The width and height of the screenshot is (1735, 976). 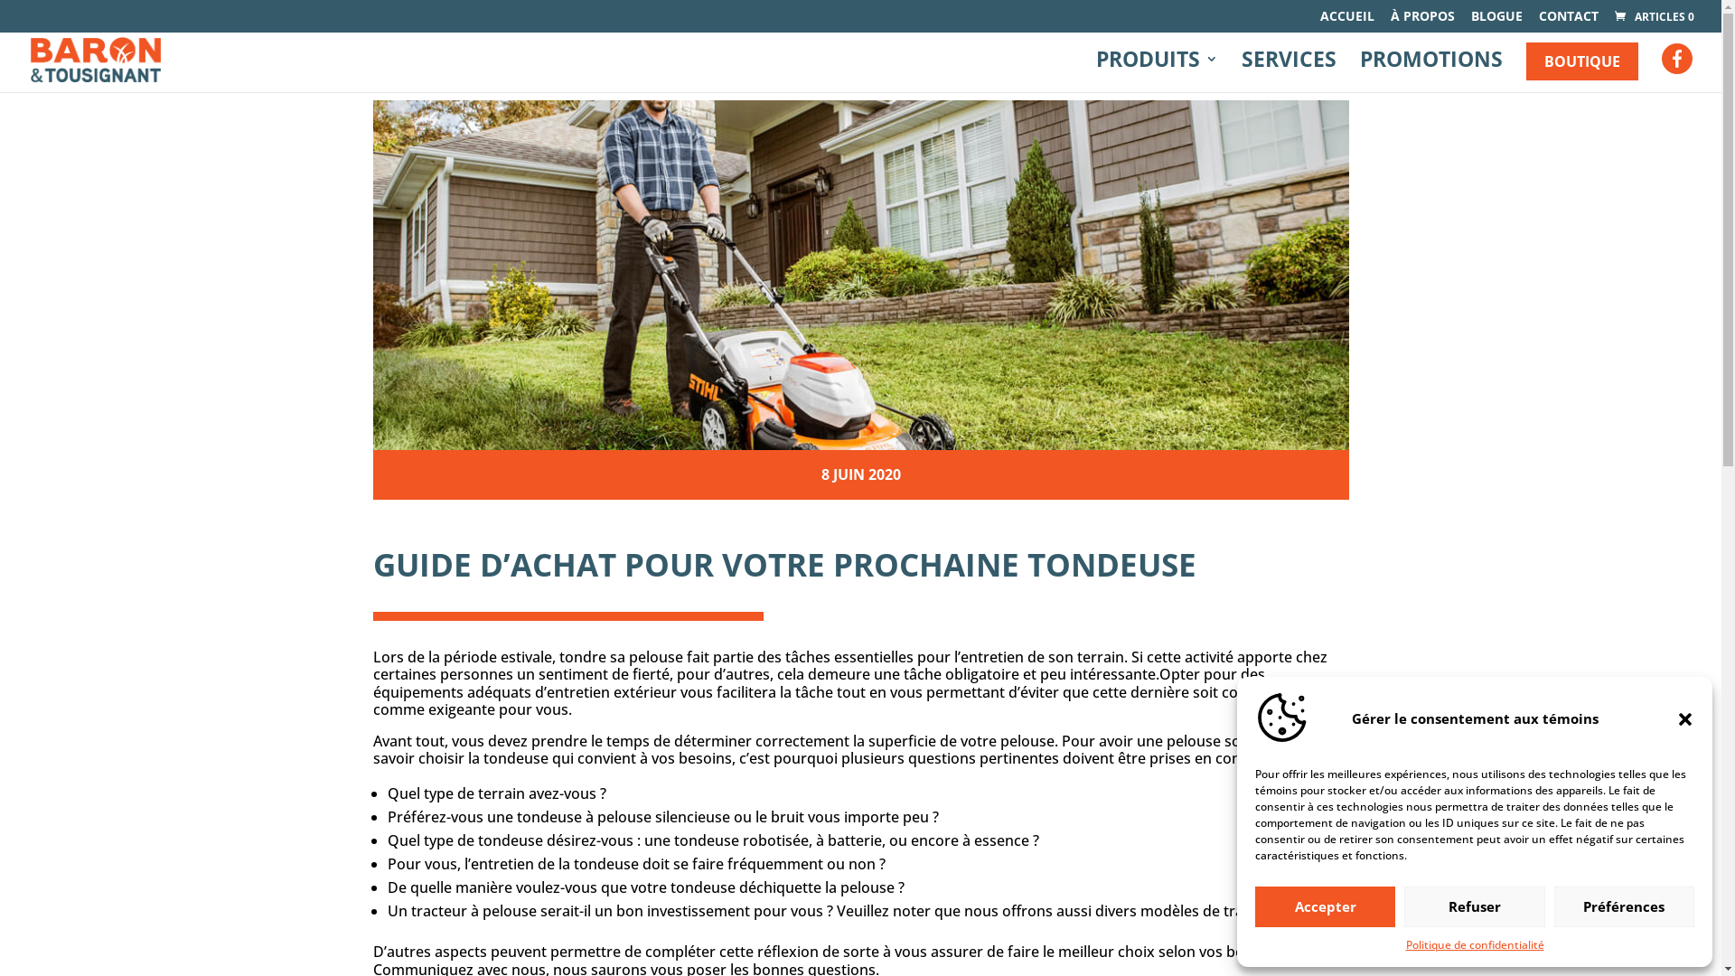 What do you see at coordinates (1288, 71) in the screenshot?
I see `'SERVICES'` at bounding box center [1288, 71].